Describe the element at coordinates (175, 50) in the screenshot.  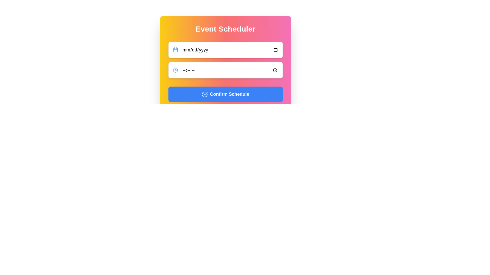
I see `the blue background frame of the calendar icon located near the top left corner of the date input field` at that location.